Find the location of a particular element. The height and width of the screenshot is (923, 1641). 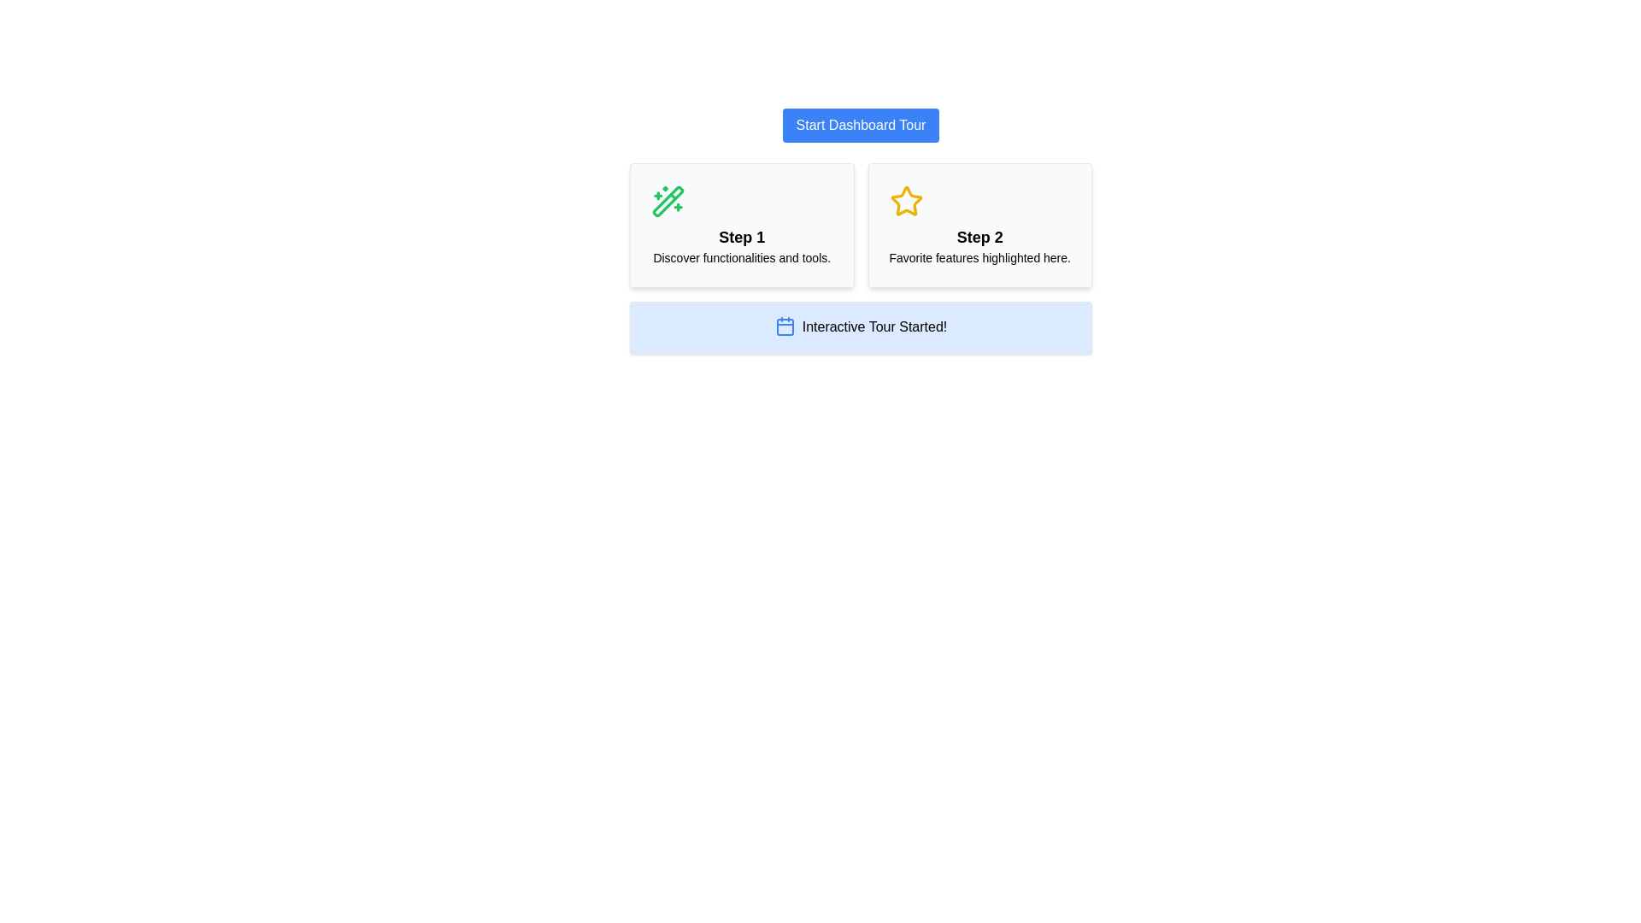

the blue rectangular button with rounded corners that contains the text 'Start Dashboard Tour' is located at coordinates (861, 124).